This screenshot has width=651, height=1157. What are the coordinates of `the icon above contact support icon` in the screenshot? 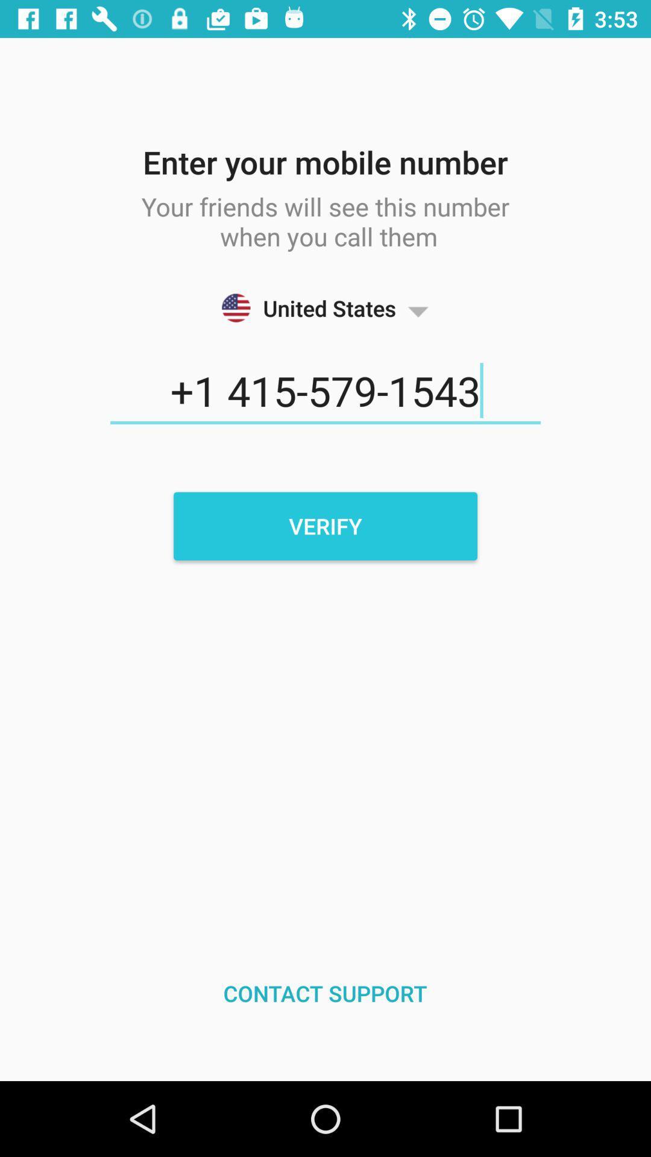 It's located at (325, 526).